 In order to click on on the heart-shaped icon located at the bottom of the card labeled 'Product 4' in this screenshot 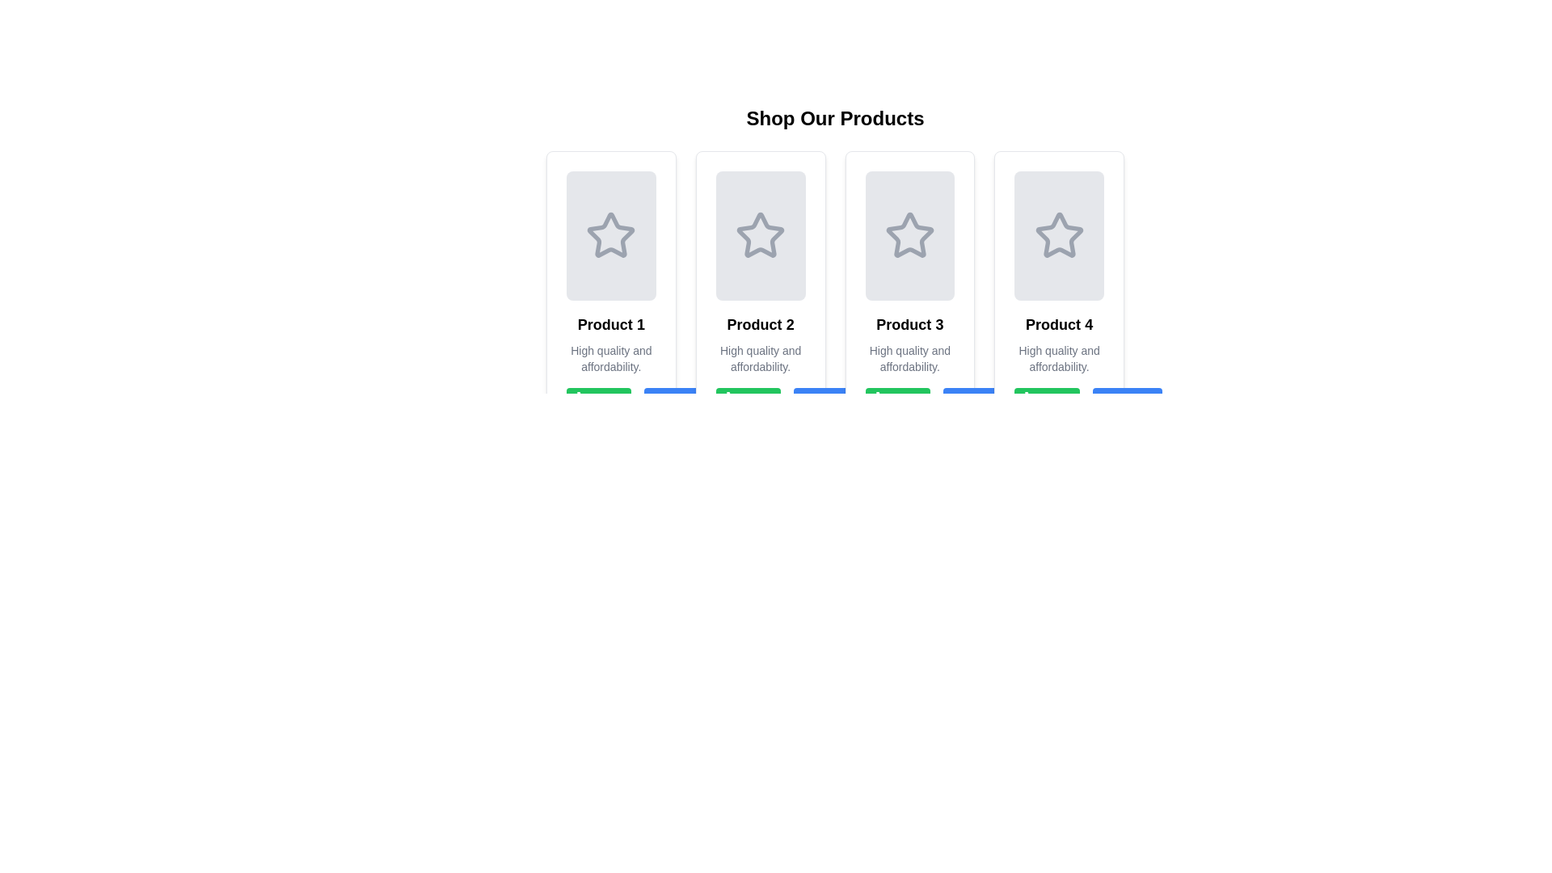, I will do `click(1045, 400)`.